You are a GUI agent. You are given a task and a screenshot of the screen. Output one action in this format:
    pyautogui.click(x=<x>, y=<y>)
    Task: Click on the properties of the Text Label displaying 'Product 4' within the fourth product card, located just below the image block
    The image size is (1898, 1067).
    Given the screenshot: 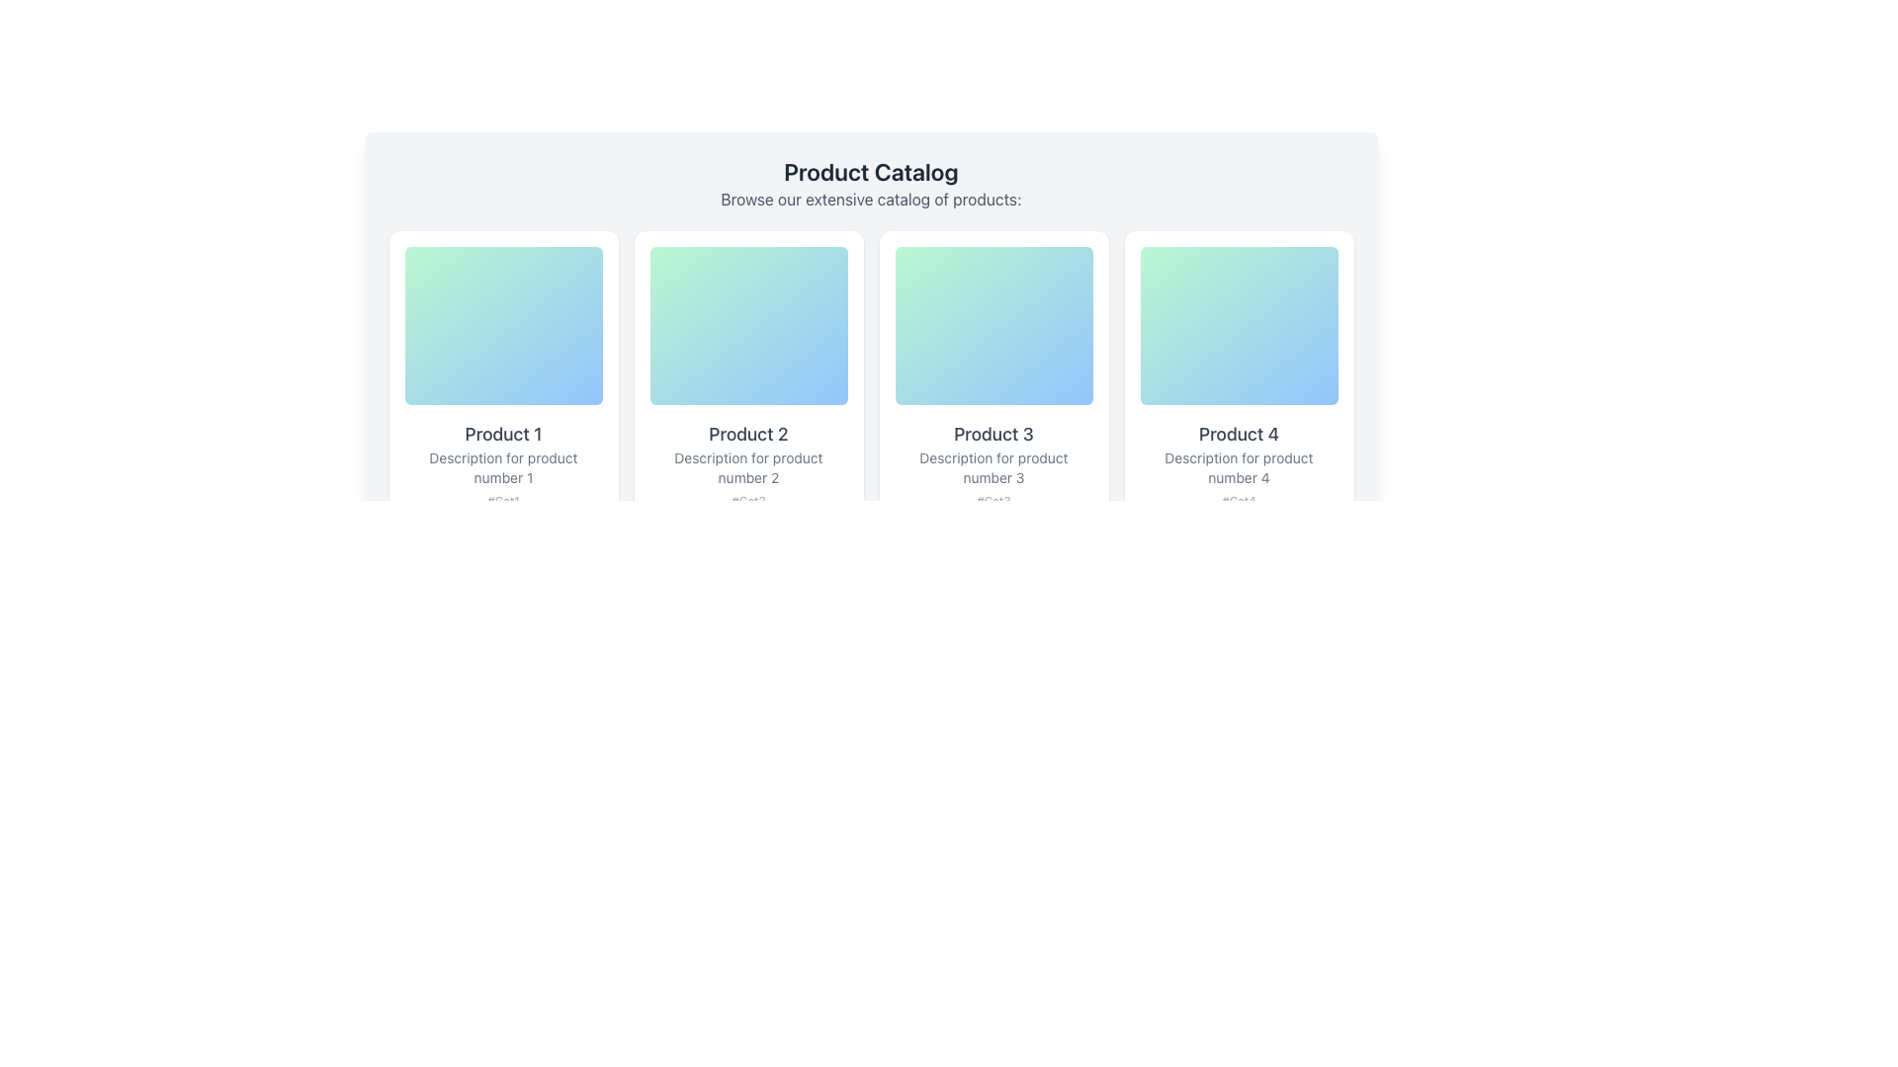 What is the action you would take?
    pyautogui.click(x=1238, y=433)
    